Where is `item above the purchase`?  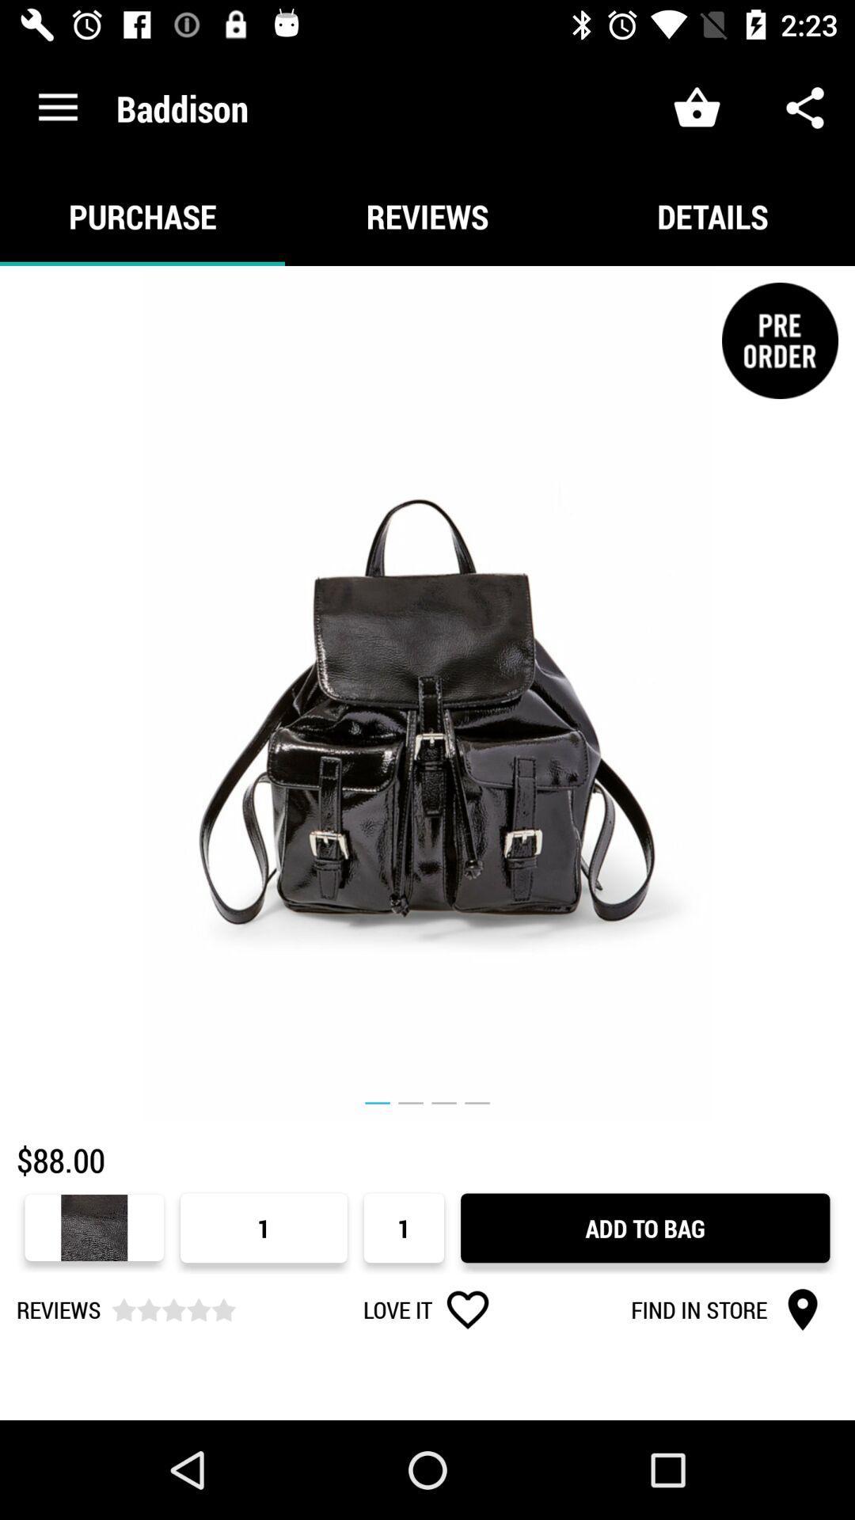 item above the purchase is located at coordinates (57, 107).